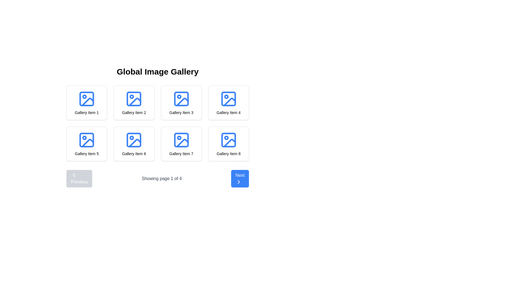 The width and height of the screenshot is (527, 296). Describe the element at coordinates (134, 99) in the screenshot. I see `the stylized blue icon representing an image, located in the second gallery item of the first row, which is contained within a bordered, rounded rectangular card labeled 'Gallery Item 2'` at that location.